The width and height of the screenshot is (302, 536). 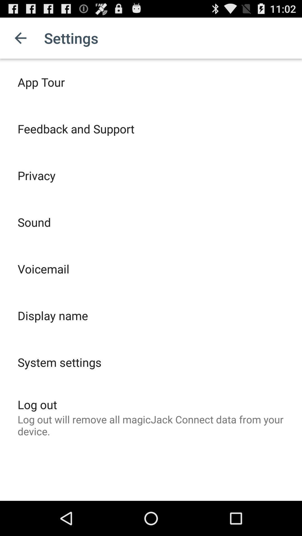 What do you see at coordinates (43, 269) in the screenshot?
I see `the item above the display name` at bounding box center [43, 269].